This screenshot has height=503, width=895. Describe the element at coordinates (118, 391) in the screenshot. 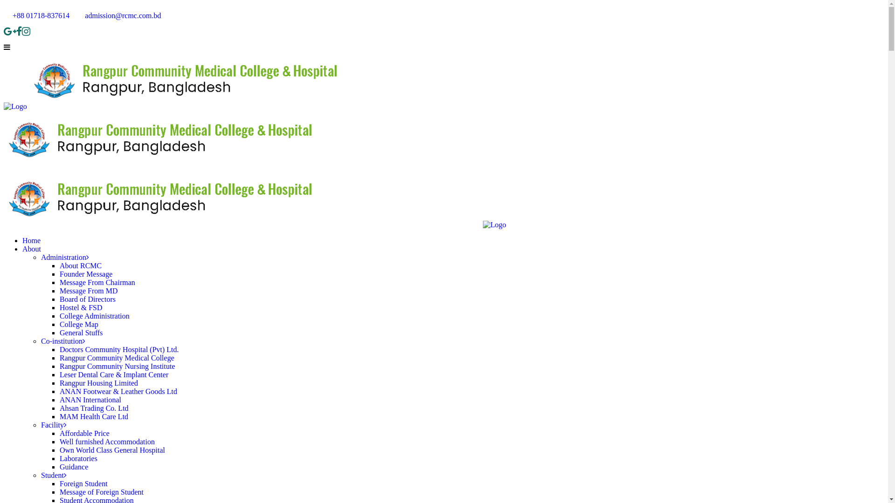

I see `'ANAN Footwear & Leather Goods Ltd'` at that location.